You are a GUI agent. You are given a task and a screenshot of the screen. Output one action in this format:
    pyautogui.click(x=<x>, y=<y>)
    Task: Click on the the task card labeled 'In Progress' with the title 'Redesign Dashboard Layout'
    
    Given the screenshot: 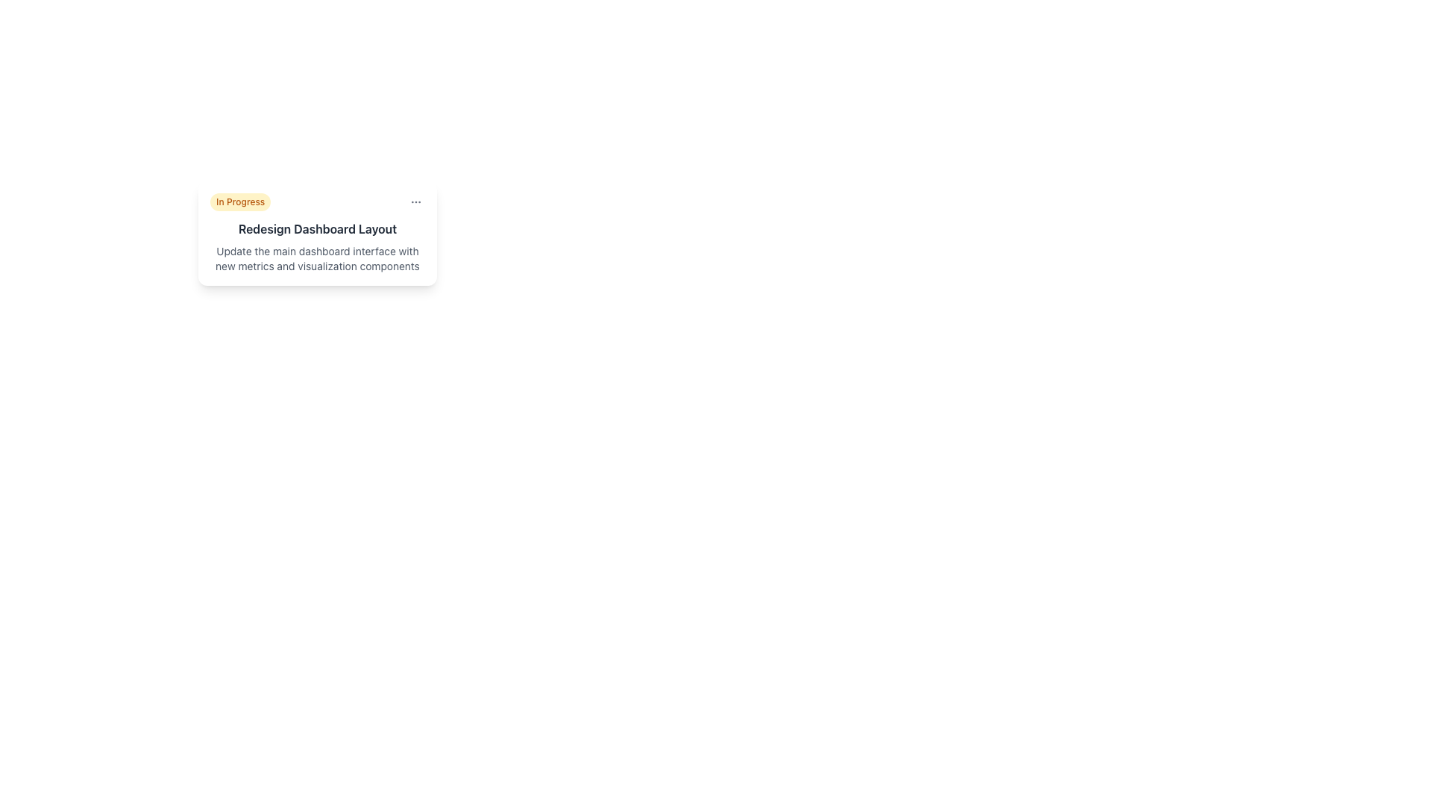 What is the action you would take?
    pyautogui.click(x=317, y=233)
    